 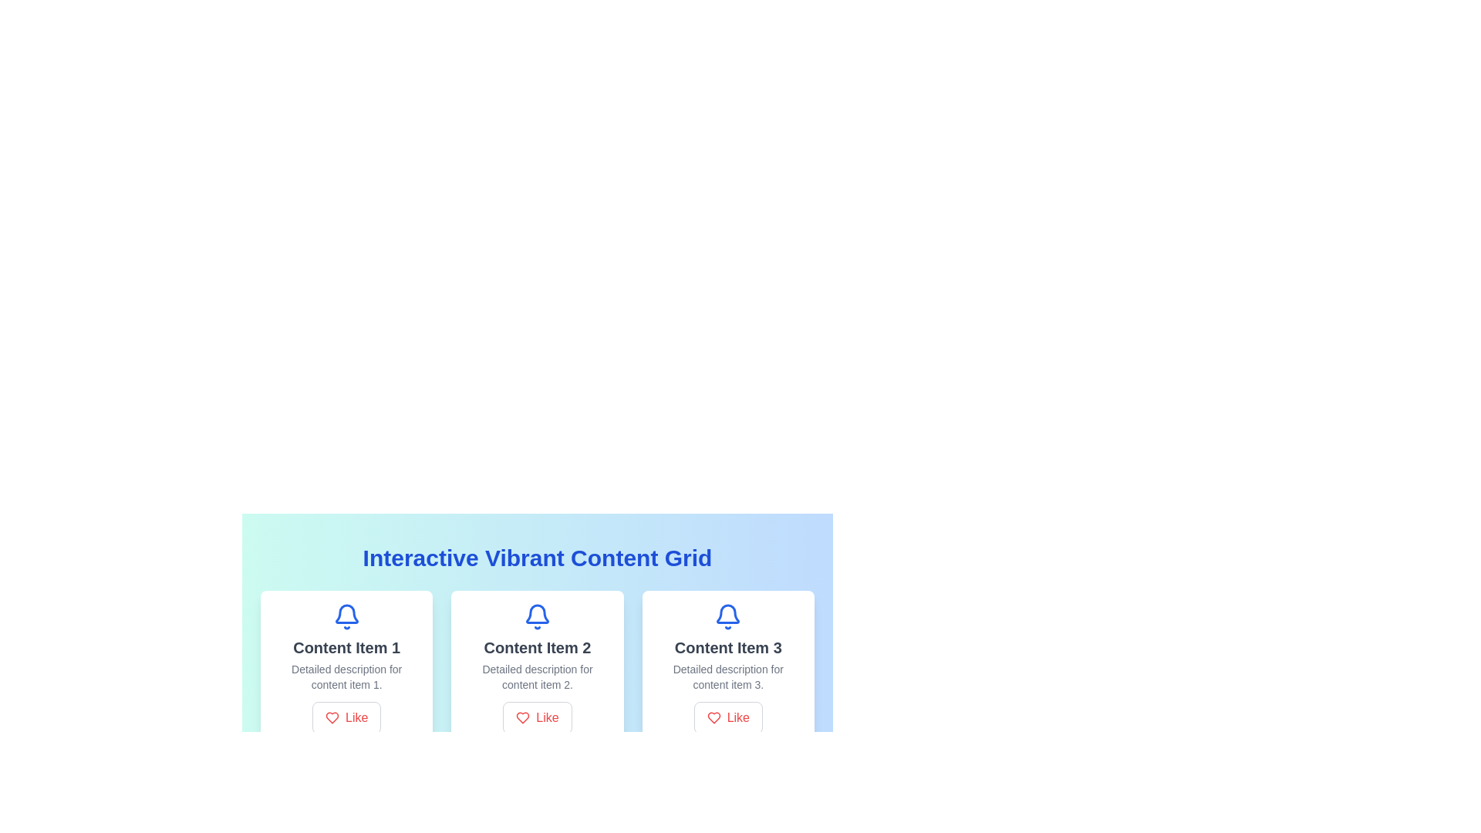 I want to click on the heart icon located at the bottom-left corner of the 'Content Item 1' card, so click(x=332, y=717).